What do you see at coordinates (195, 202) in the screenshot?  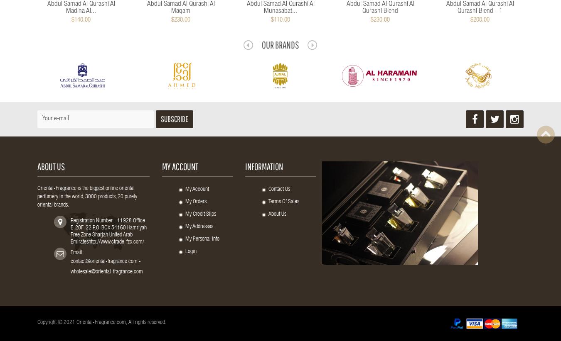 I see `'My orders'` at bounding box center [195, 202].